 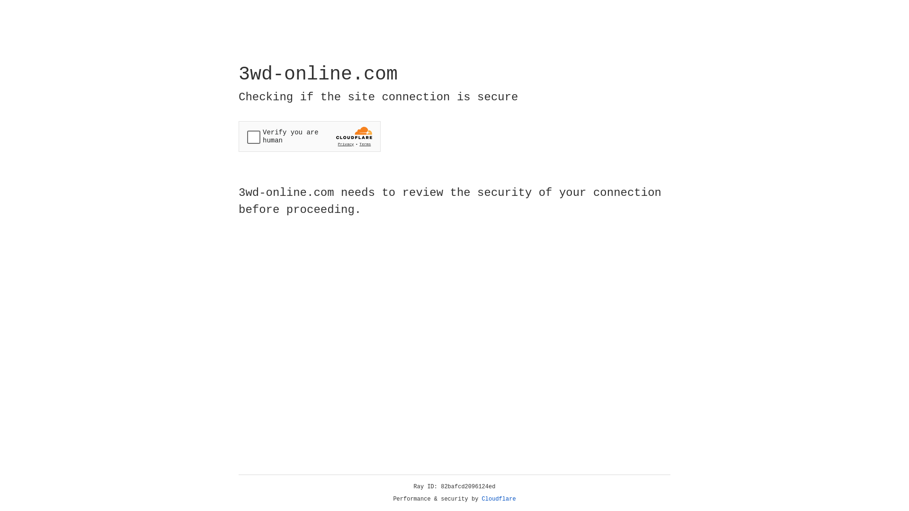 What do you see at coordinates (309, 136) in the screenshot?
I see `'Widget containing a Cloudflare security challenge'` at bounding box center [309, 136].